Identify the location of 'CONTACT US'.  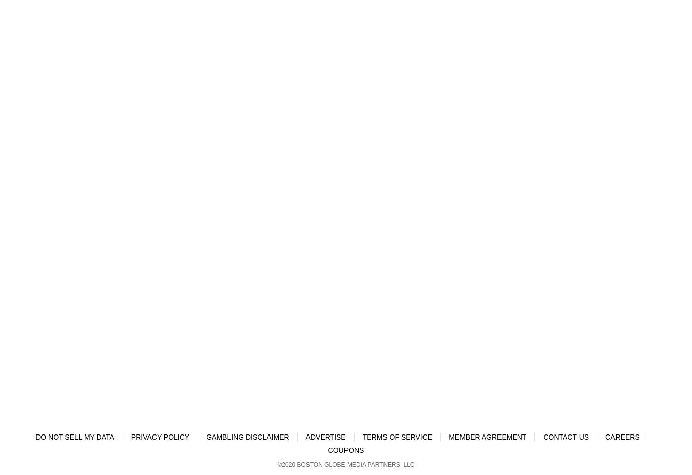
(565, 436).